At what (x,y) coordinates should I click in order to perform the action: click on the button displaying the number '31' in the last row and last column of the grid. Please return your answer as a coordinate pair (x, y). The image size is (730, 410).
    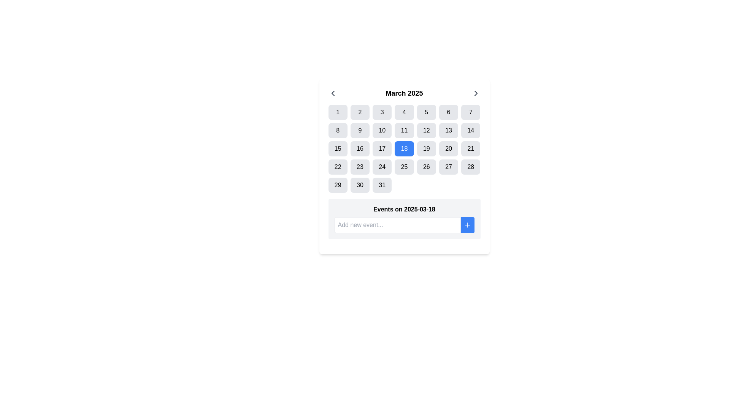
    Looking at the image, I should click on (382, 185).